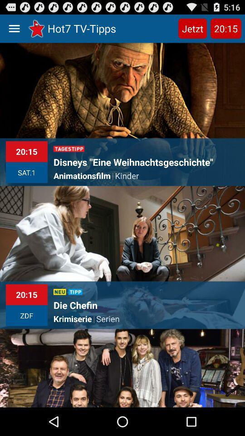  I want to click on jetzt button, so click(192, 28).